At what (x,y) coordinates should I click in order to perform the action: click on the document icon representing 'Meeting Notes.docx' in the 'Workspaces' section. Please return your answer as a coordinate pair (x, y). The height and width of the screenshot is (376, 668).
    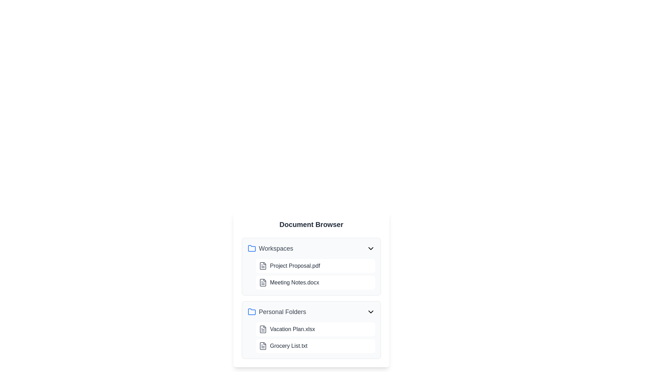
    Looking at the image, I should click on (262, 283).